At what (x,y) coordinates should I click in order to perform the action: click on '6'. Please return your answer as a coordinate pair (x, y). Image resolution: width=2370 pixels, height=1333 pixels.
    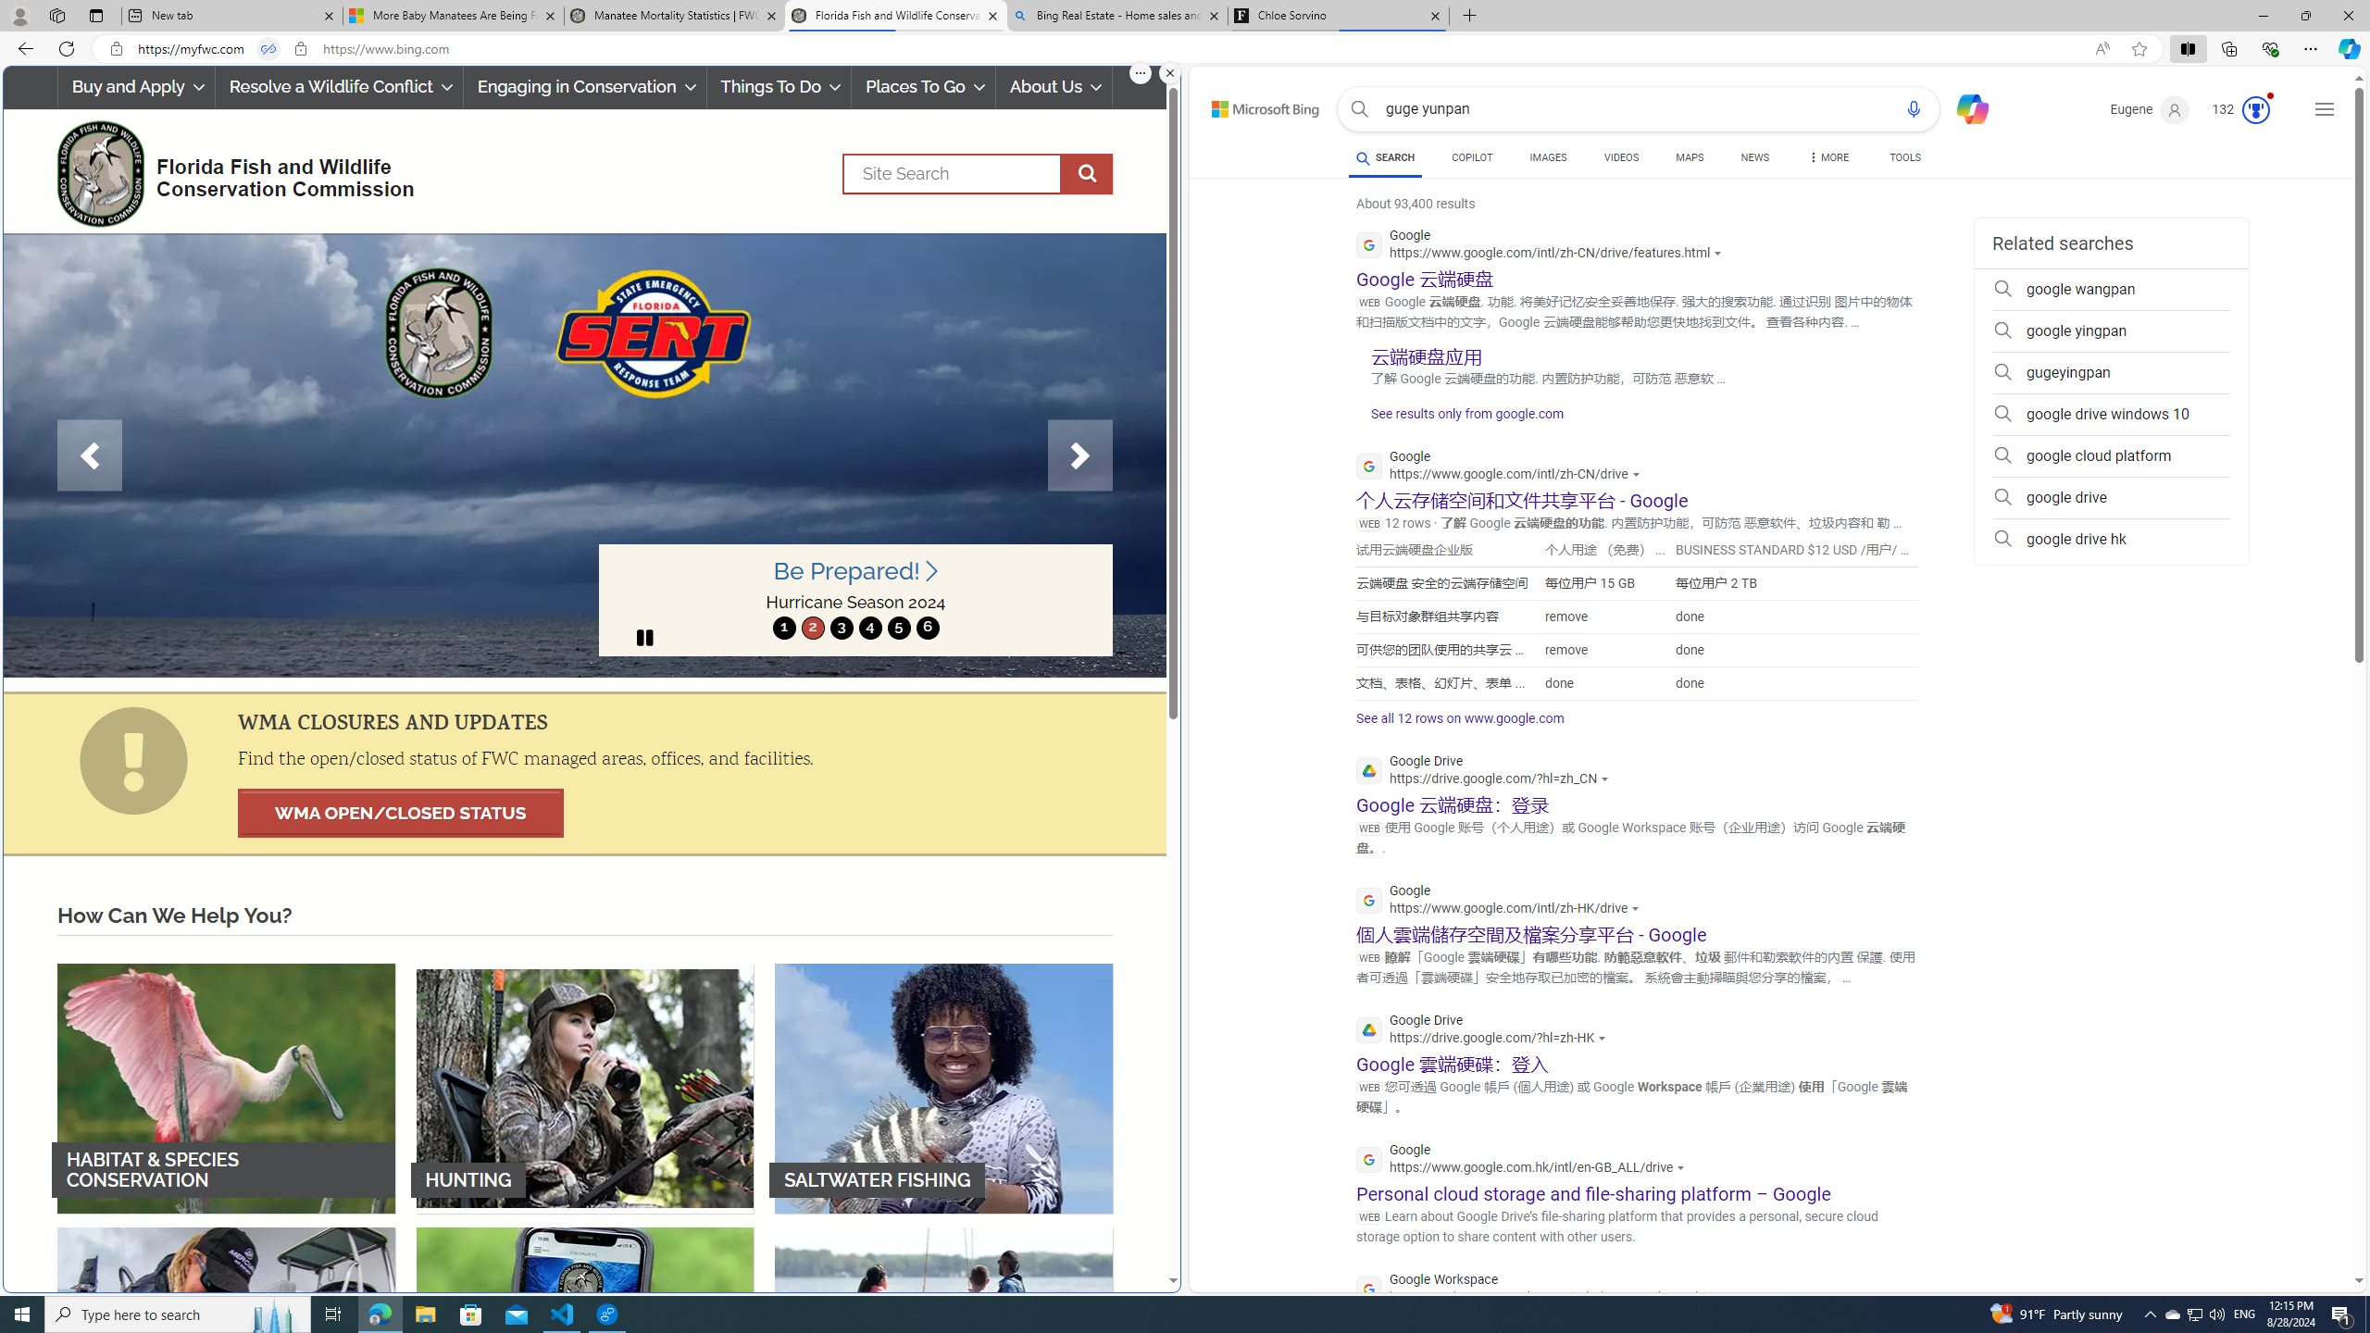
    Looking at the image, I should click on (925, 627).